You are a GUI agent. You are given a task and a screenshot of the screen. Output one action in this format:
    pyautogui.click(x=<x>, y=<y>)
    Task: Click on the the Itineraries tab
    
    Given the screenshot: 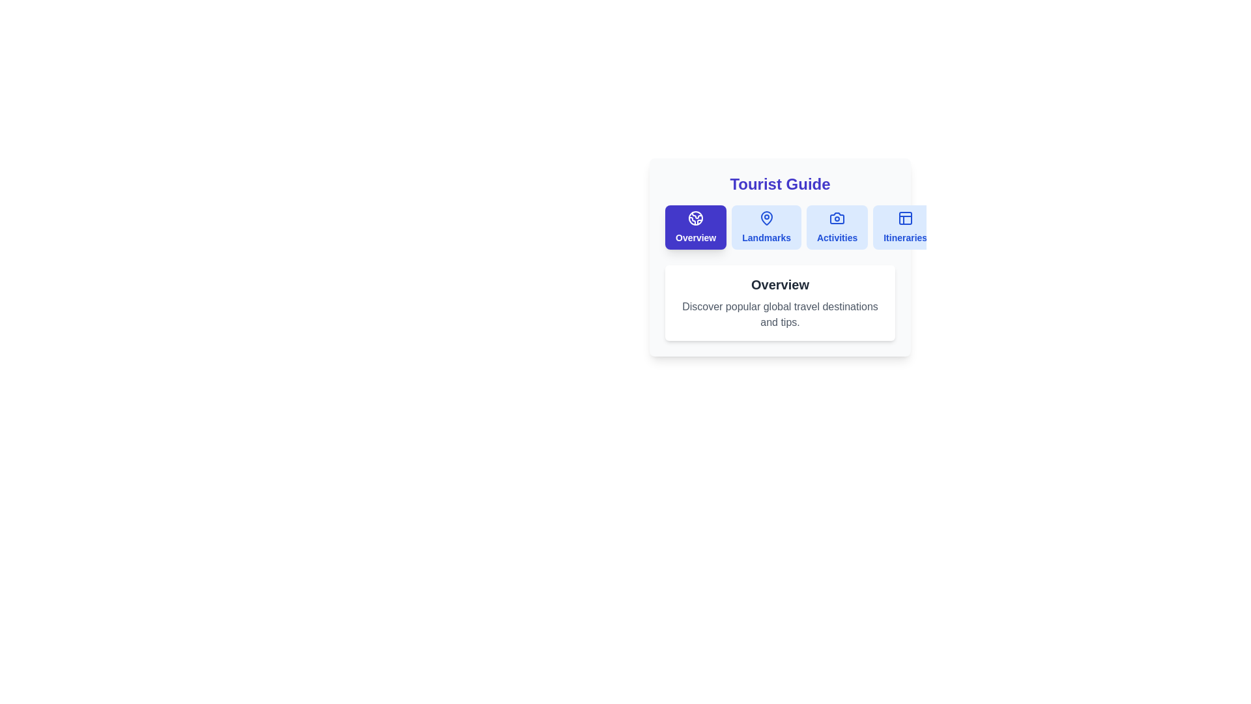 What is the action you would take?
    pyautogui.click(x=904, y=226)
    